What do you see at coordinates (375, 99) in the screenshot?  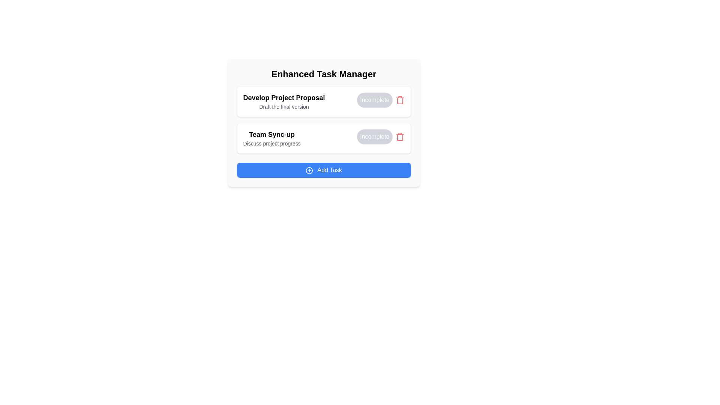 I see `the Status indicator button labeled 'Incomplete' to change its status` at bounding box center [375, 99].